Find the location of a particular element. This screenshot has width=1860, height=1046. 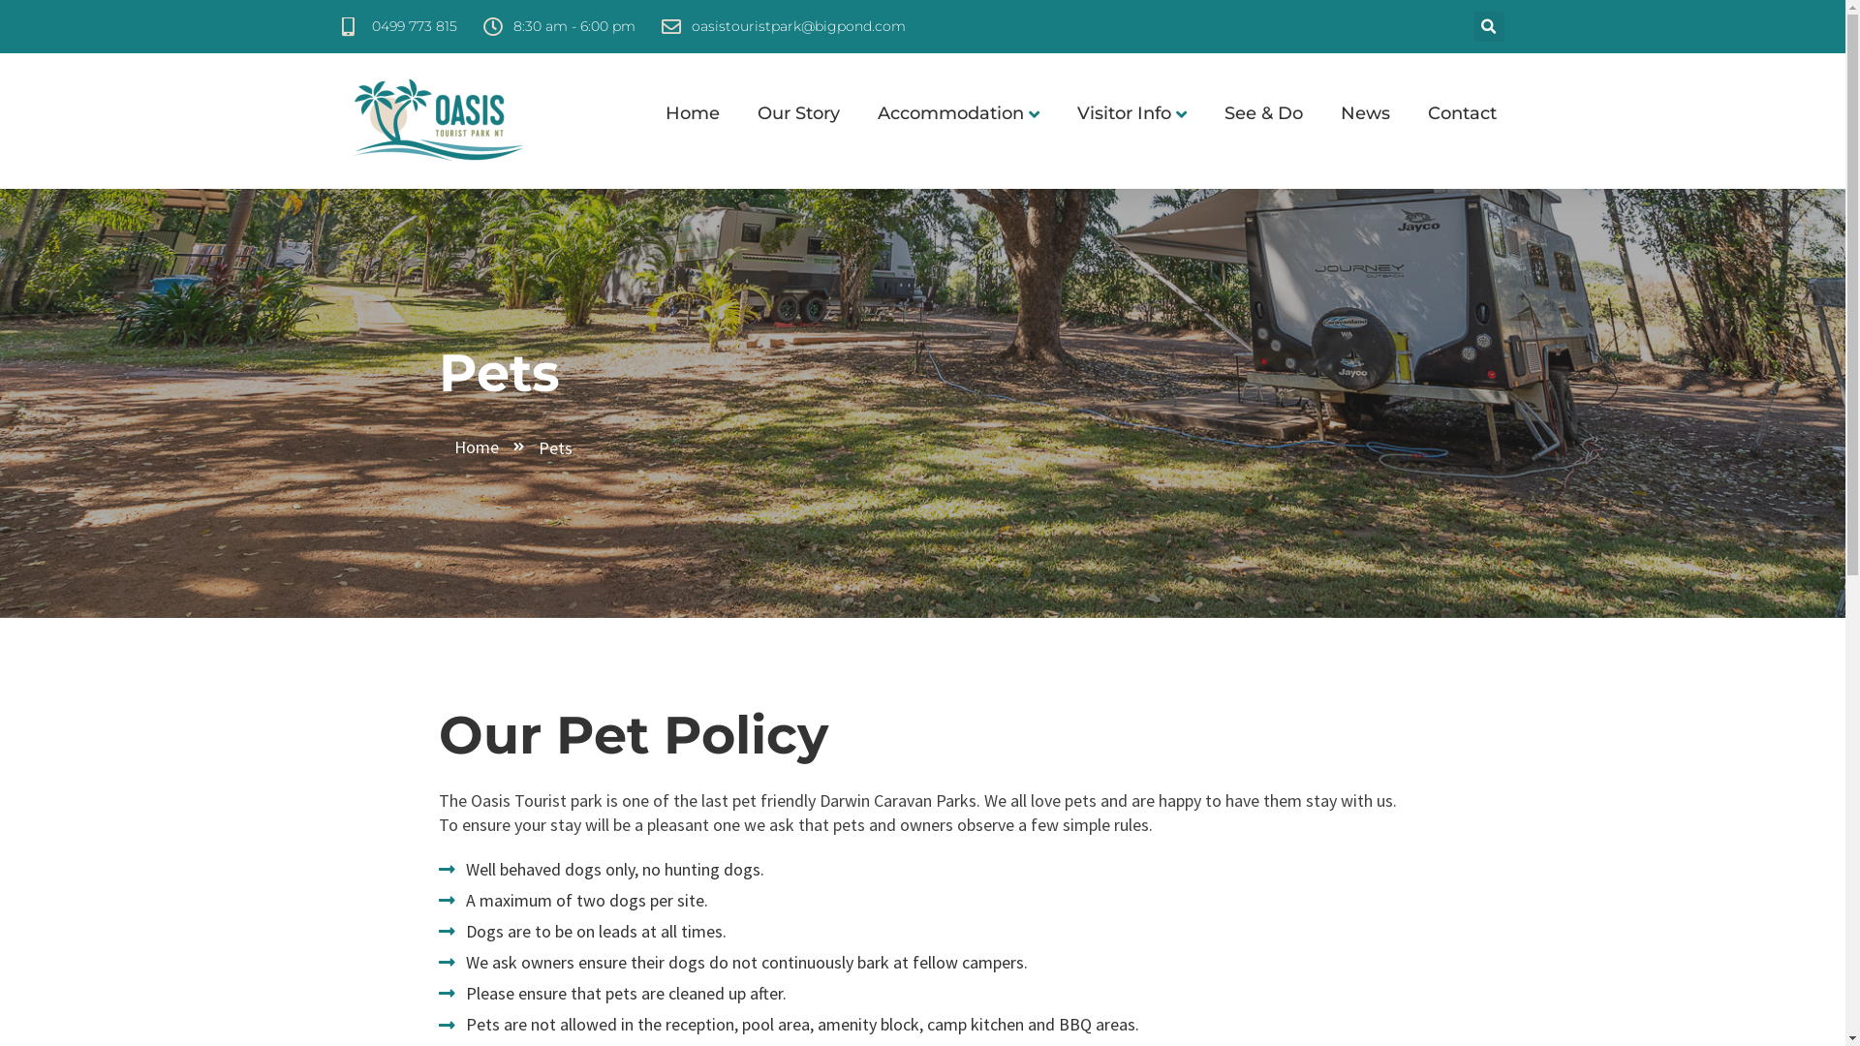

'Contact' is located at coordinates (1400, 113).